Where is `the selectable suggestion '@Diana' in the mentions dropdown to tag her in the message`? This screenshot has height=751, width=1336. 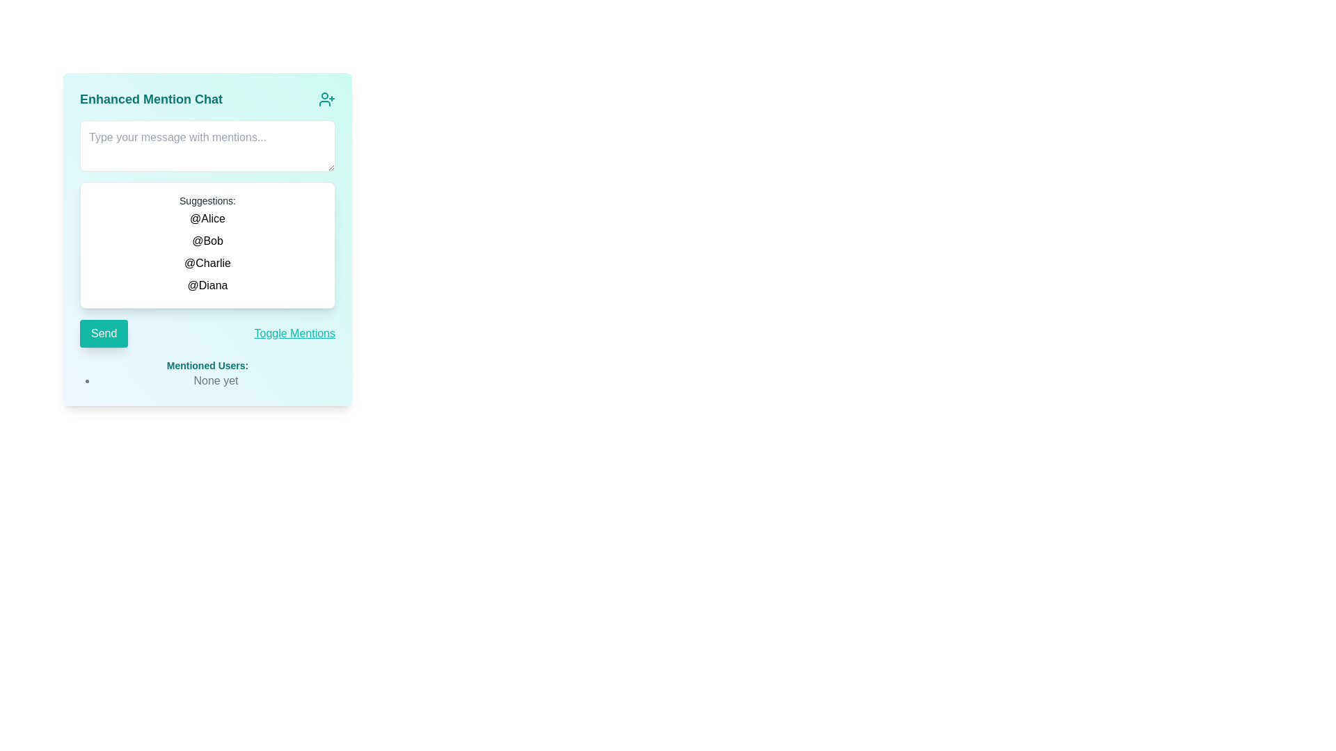 the selectable suggestion '@Diana' in the mentions dropdown to tag her in the message is located at coordinates (207, 285).